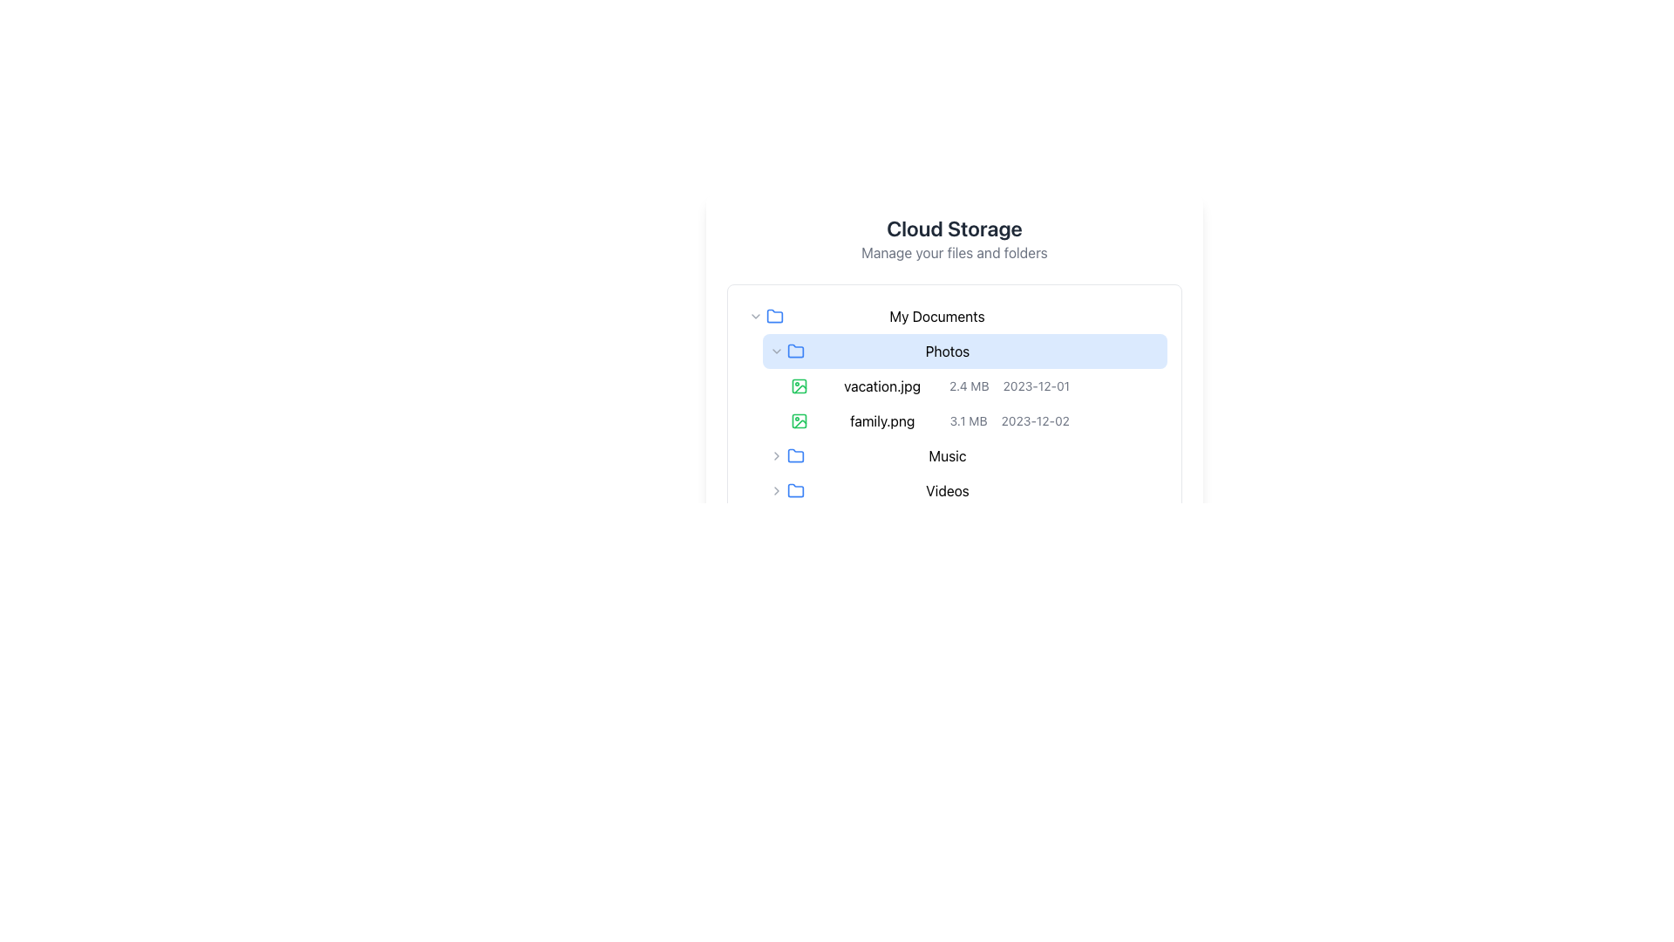  I want to click on the blue folder icon located to the left of the 'Photos' label, so click(794, 350).